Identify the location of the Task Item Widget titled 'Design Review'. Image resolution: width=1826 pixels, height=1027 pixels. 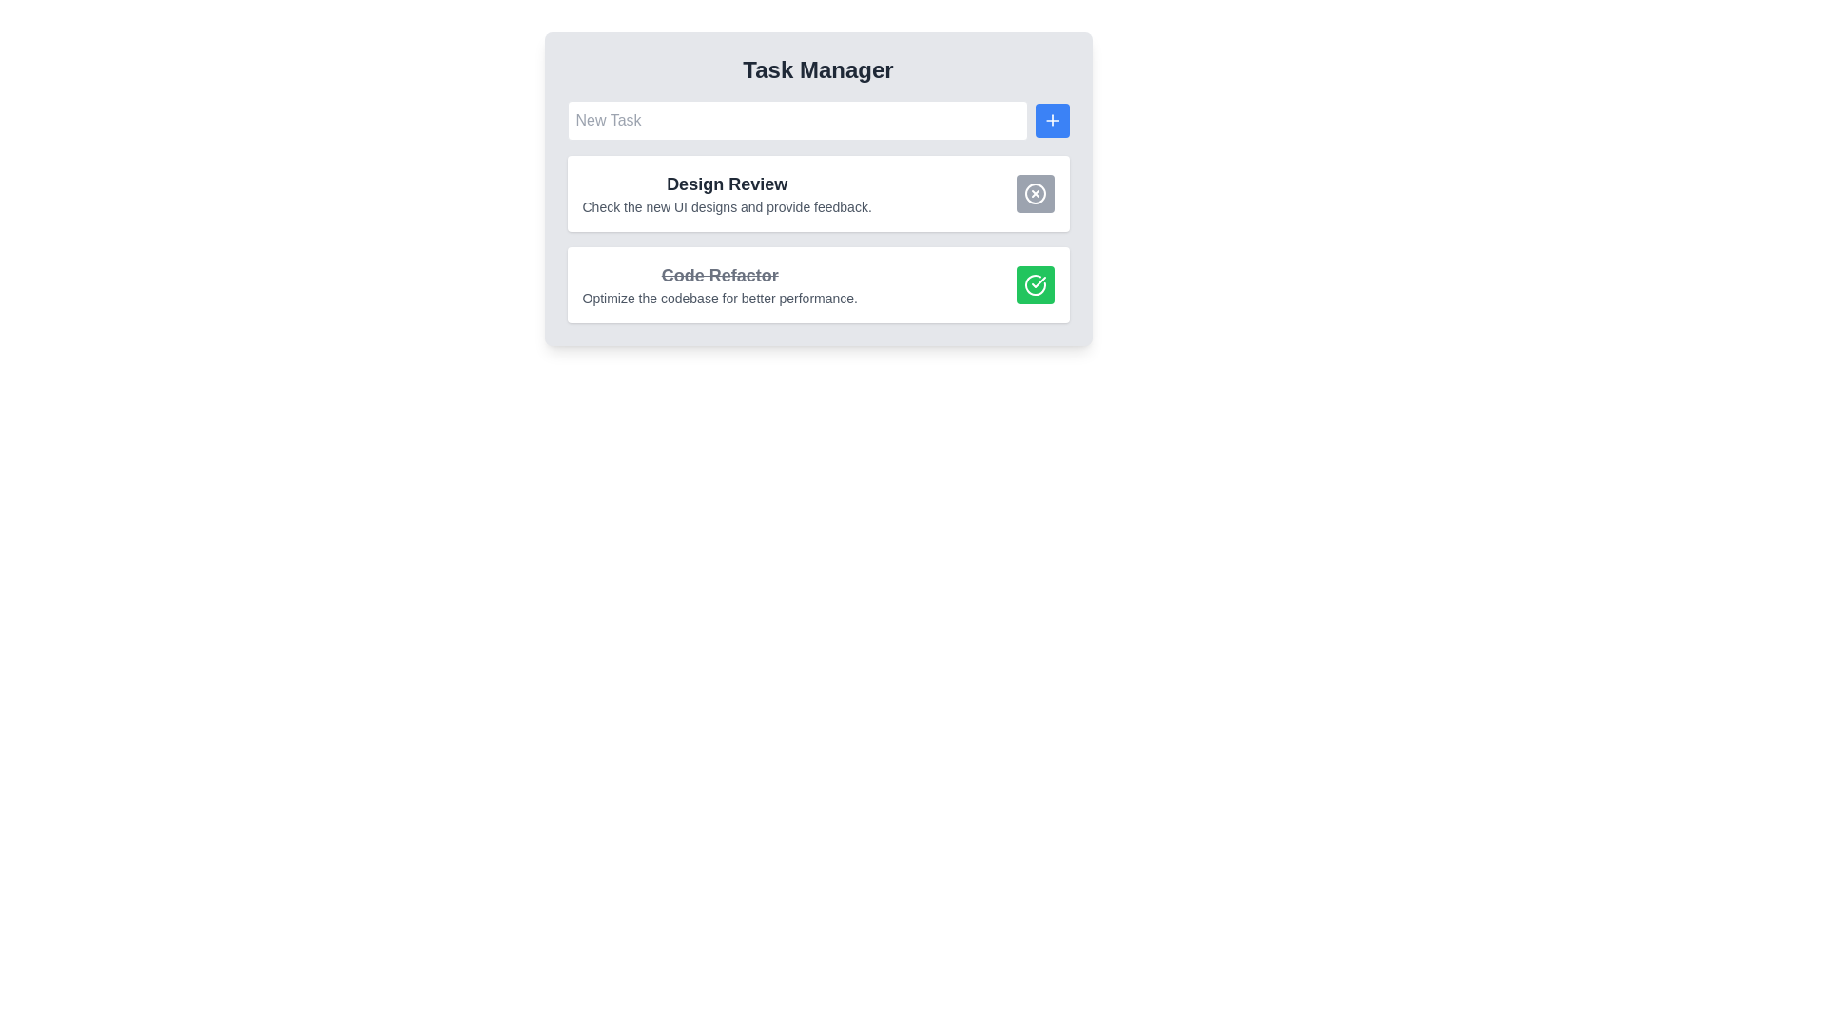
(818, 189).